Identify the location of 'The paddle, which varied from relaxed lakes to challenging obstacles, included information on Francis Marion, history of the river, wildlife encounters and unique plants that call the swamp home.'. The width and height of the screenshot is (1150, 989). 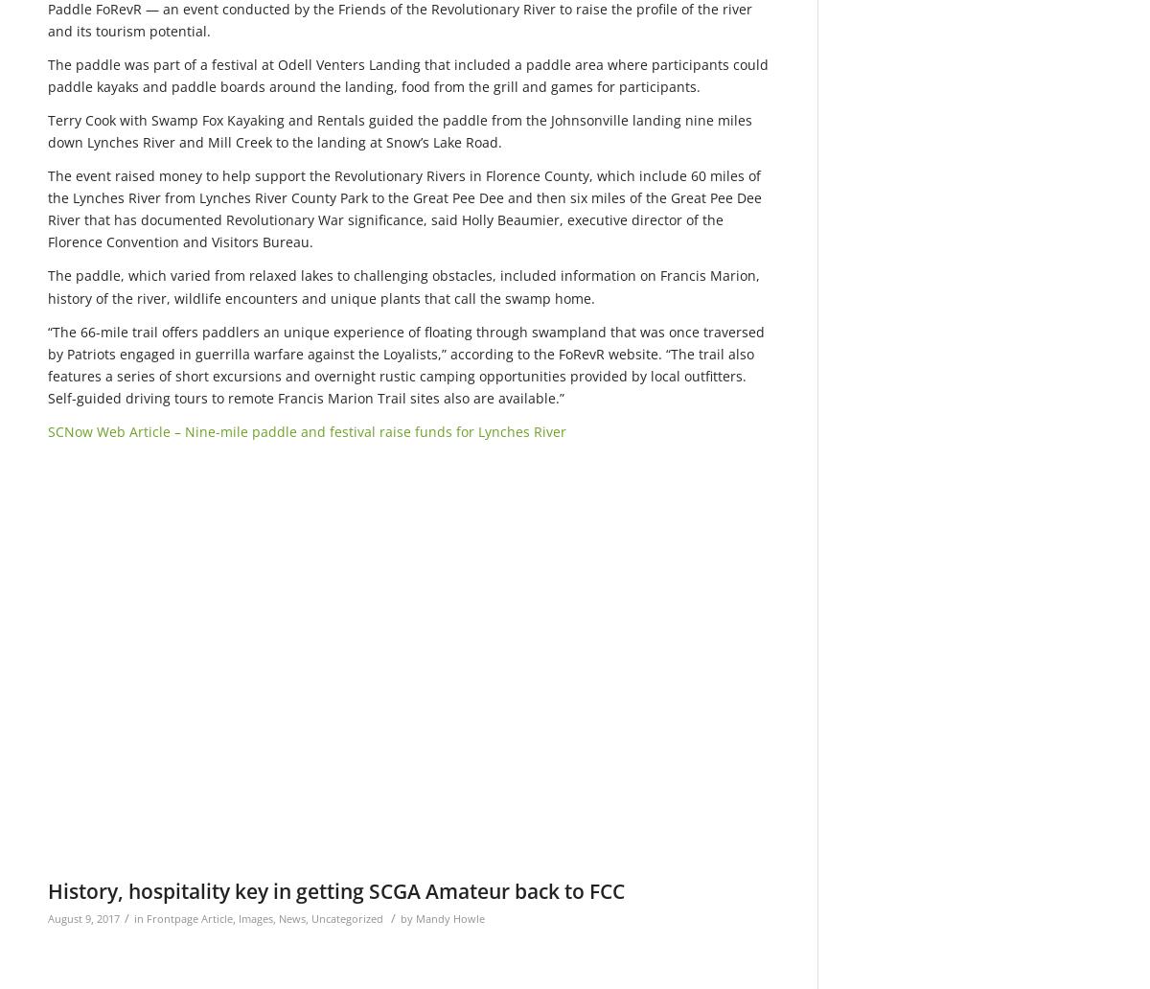
(403, 286).